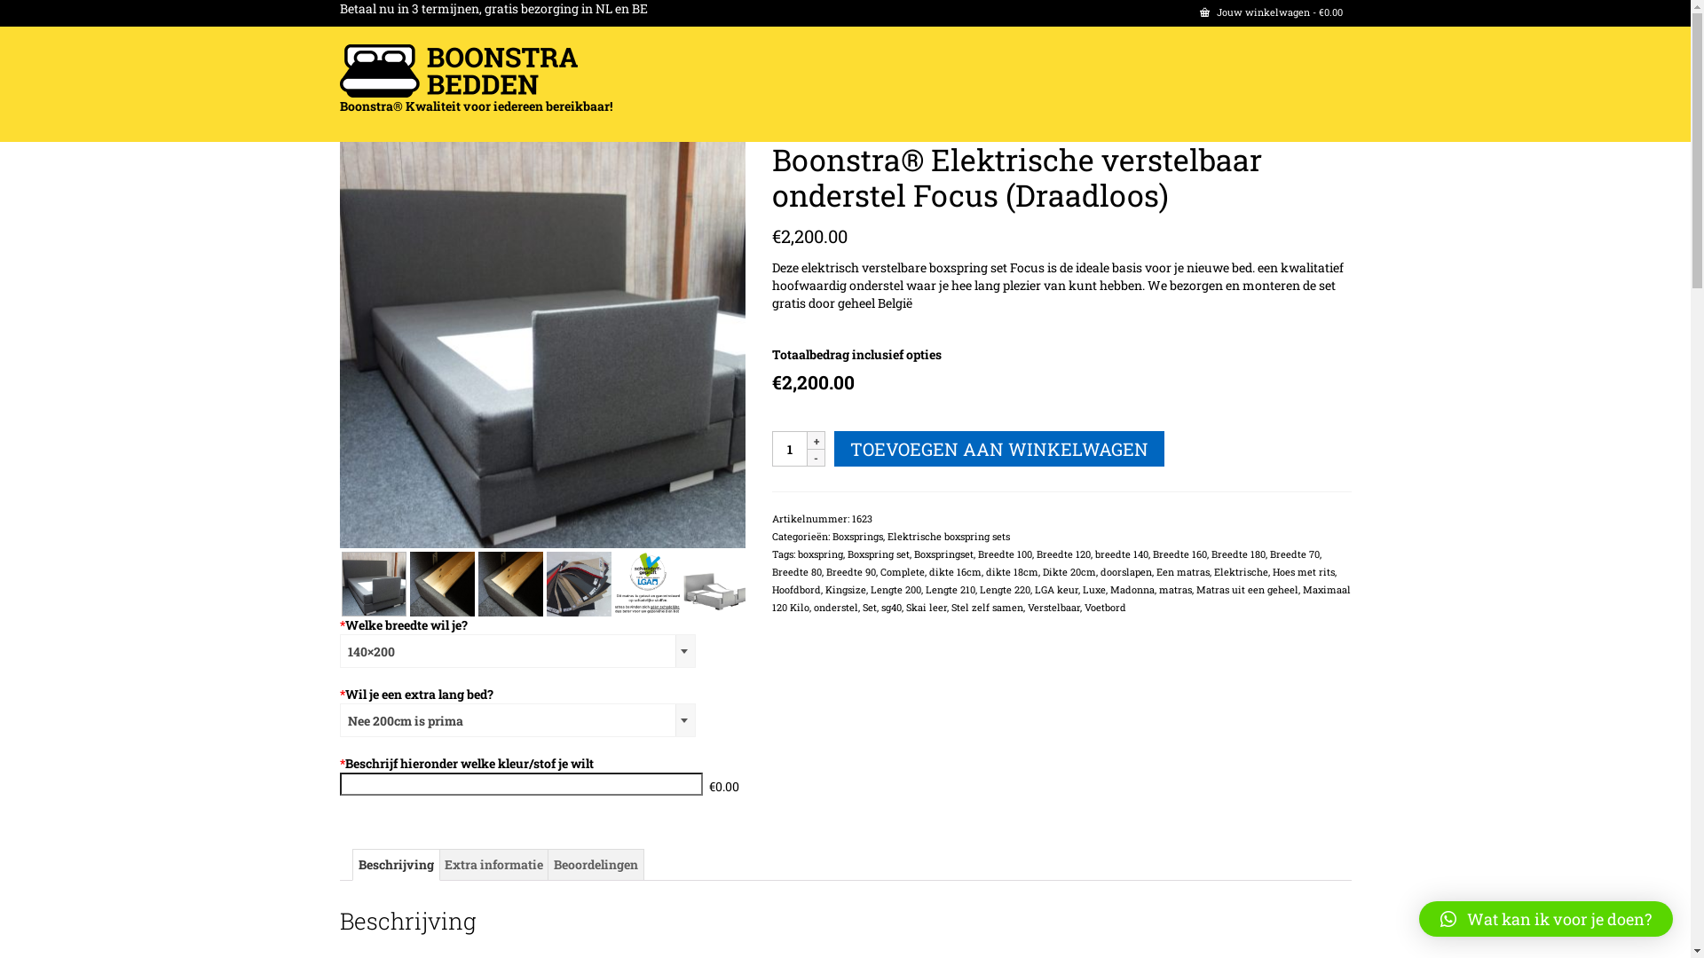 The height and width of the screenshot is (958, 1704). Describe the element at coordinates (950, 606) in the screenshot. I see `'Stel zelf samen'` at that location.